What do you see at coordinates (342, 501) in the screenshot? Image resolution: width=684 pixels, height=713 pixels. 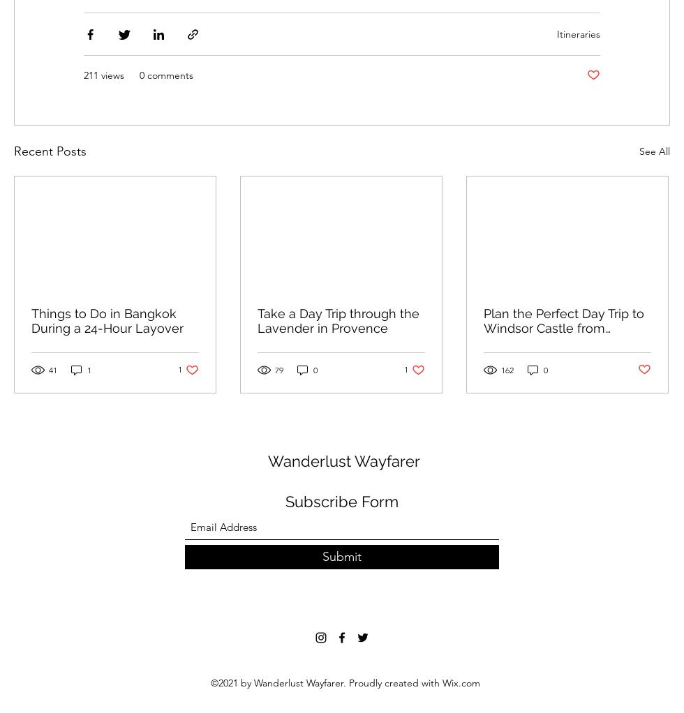 I see `'Subscribe Form'` at bounding box center [342, 501].